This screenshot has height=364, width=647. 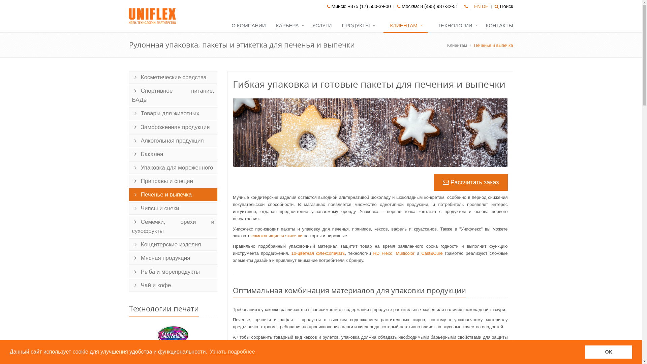 I want to click on '8 (495) 987-32-51', so click(x=439, y=6).